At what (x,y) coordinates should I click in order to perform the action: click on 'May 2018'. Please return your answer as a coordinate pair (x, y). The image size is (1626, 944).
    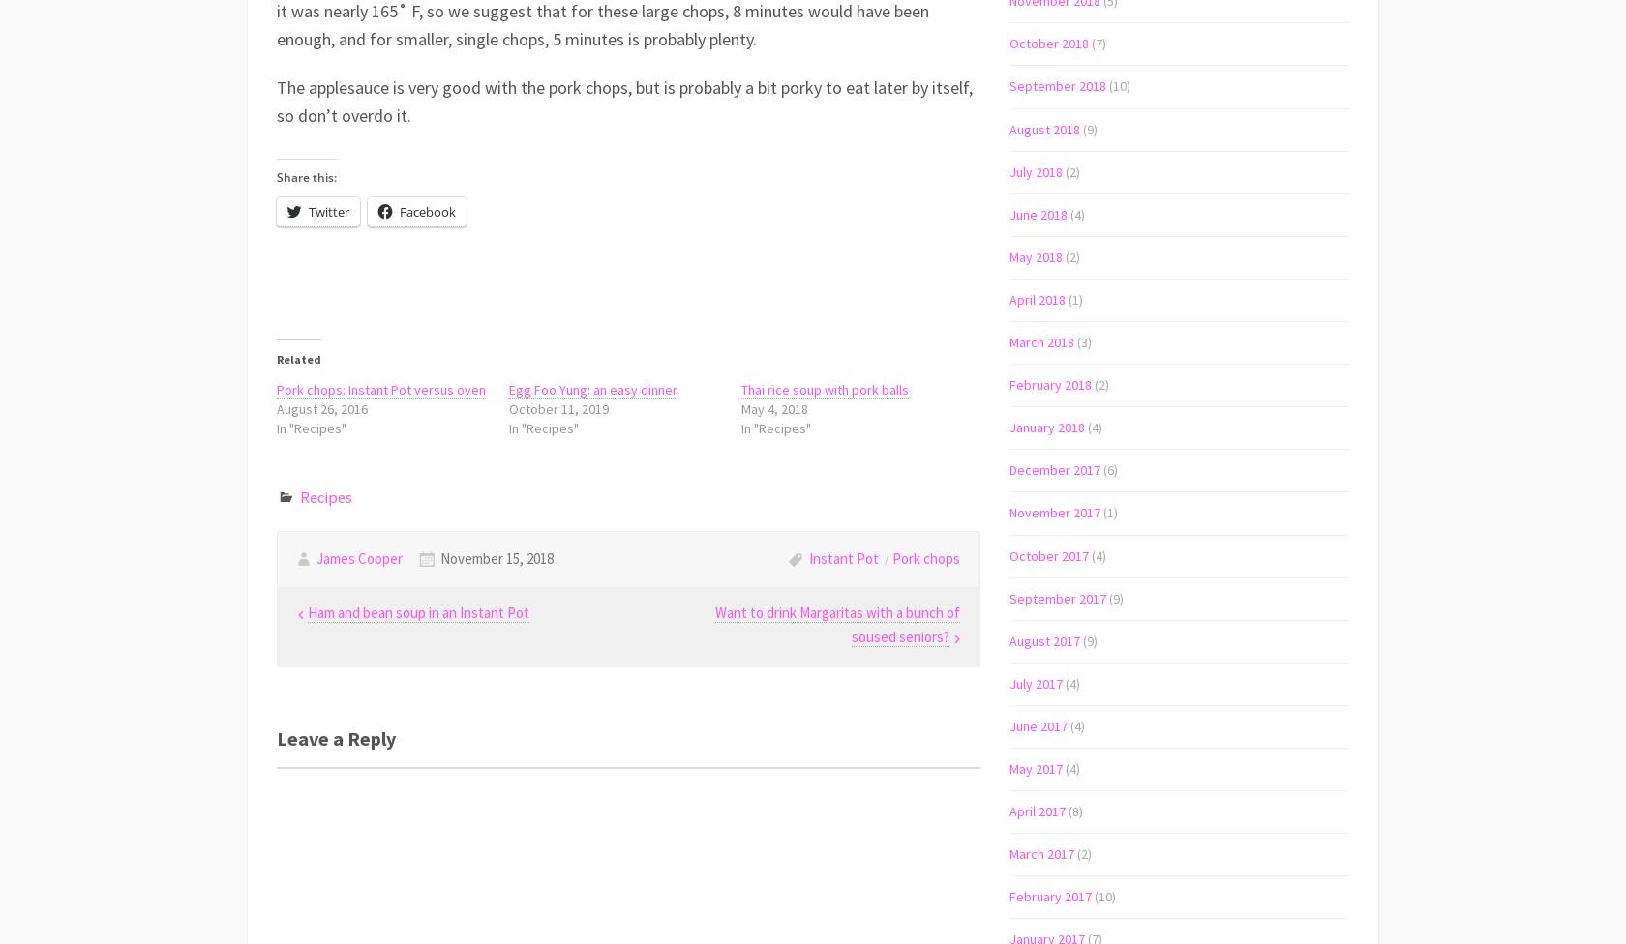
    Looking at the image, I should click on (1036, 255).